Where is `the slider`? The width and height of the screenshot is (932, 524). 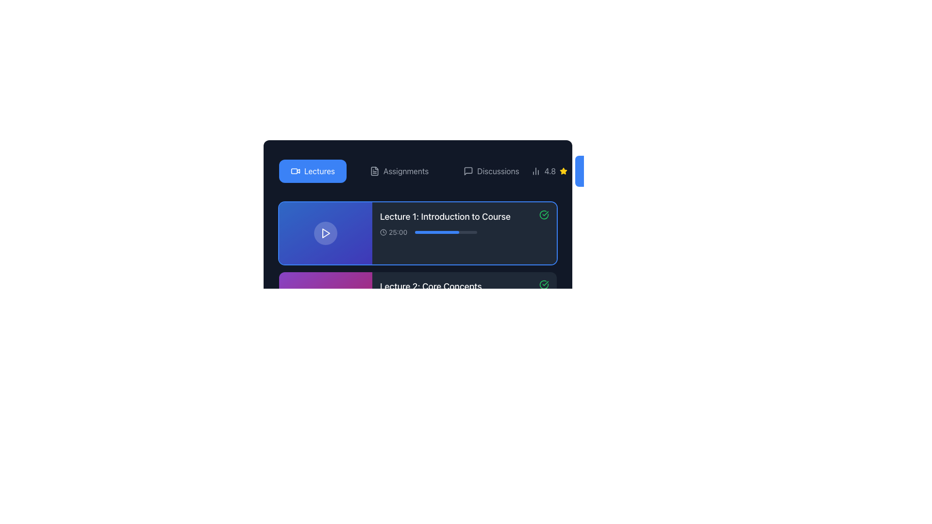
the slider is located at coordinates (472, 232).